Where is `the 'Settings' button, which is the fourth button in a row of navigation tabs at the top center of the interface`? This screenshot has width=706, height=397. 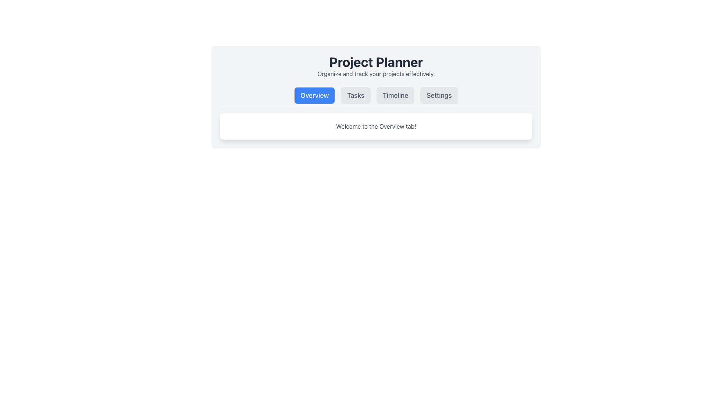 the 'Settings' button, which is the fourth button in a row of navigation tabs at the top center of the interface is located at coordinates (439, 95).